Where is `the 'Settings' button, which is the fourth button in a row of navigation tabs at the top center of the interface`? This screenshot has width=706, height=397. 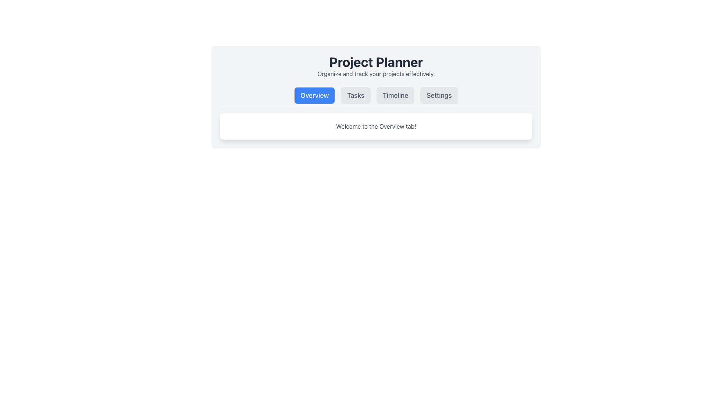 the 'Settings' button, which is the fourth button in a row of navigation tabs at the top center of the interface is located at coordinates (439, 95).